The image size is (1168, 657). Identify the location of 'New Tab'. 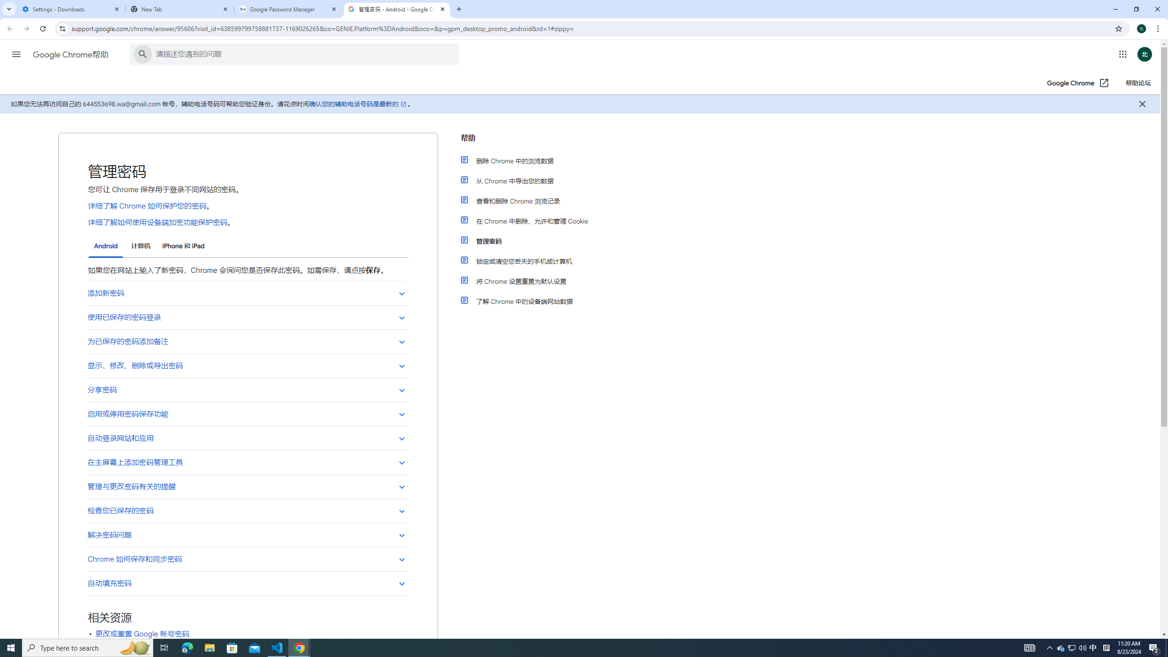
(180, 9).